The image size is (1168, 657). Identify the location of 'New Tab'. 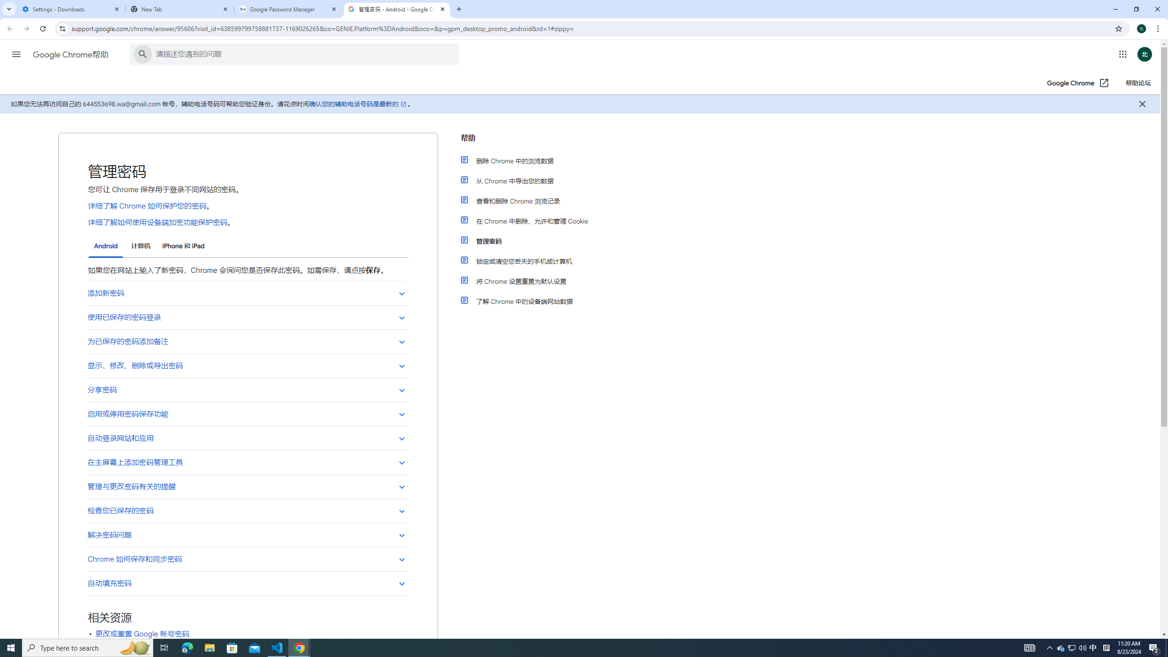
(180, 9).